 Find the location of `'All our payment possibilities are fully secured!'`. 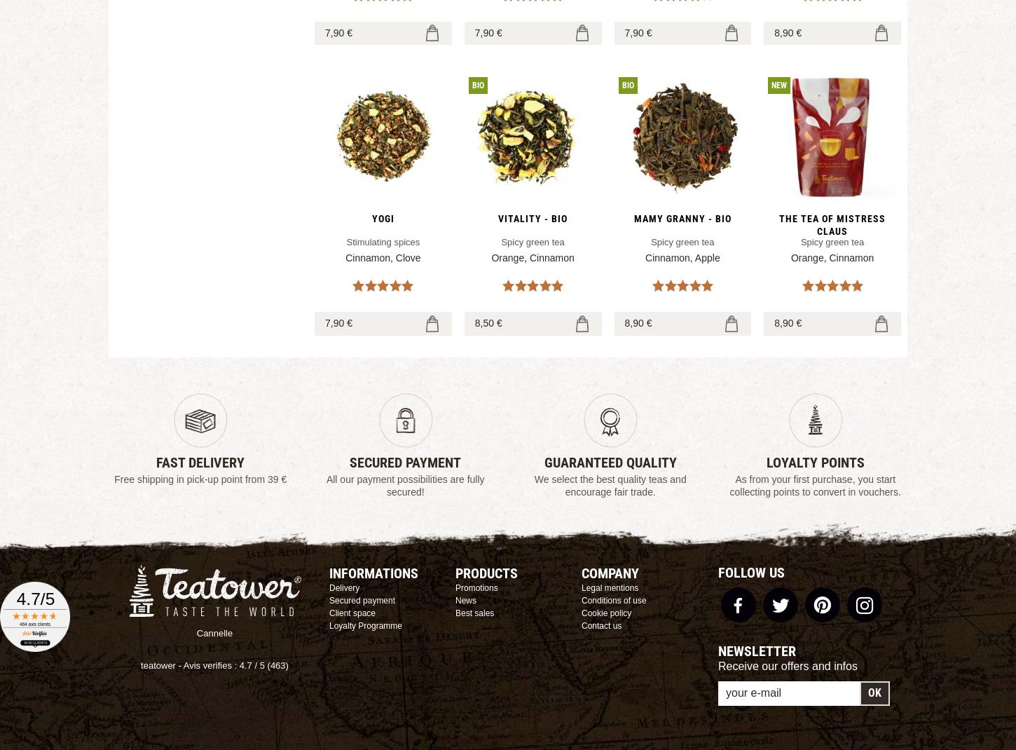

'All our payment possibilities are fully secured!' is located at coordinates (404, 484).